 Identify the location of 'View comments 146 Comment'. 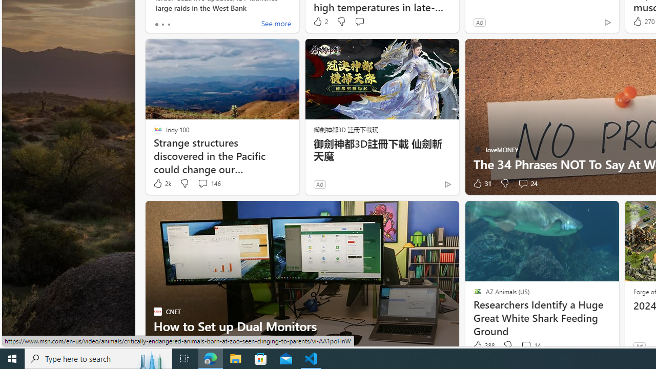
(209, 183).